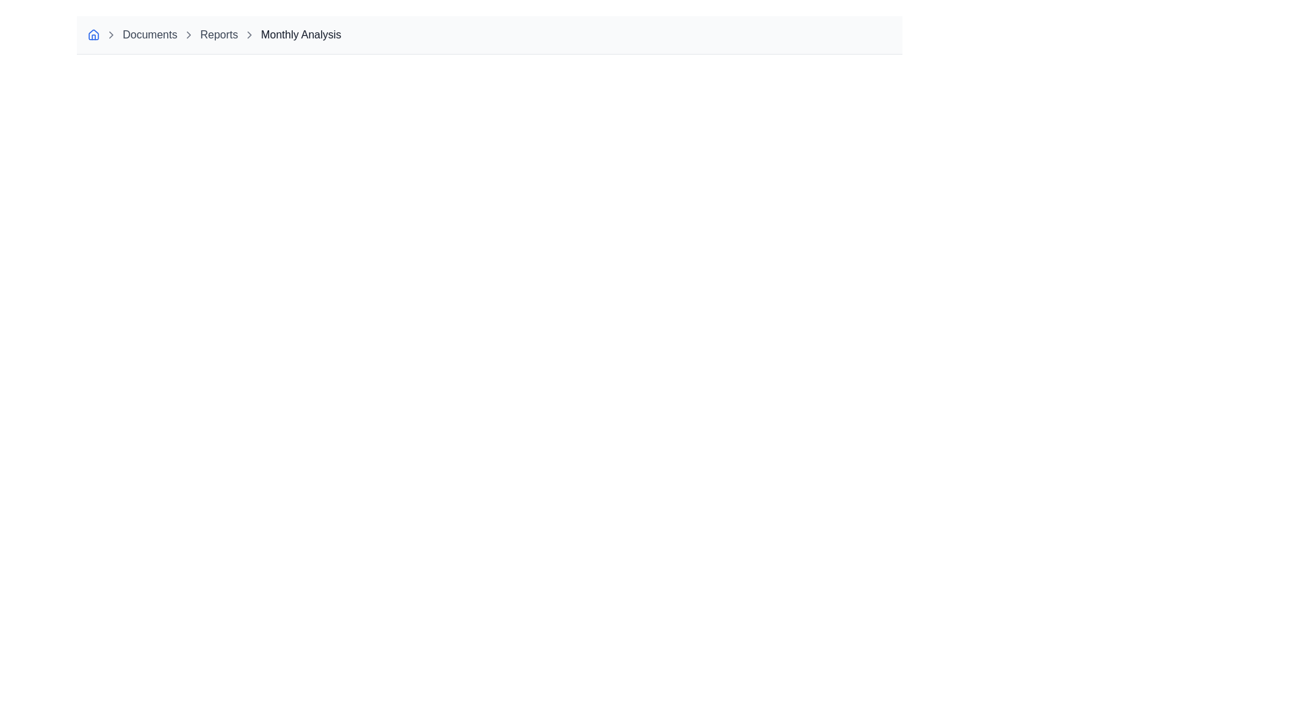 Image resolution: width=1295 pixels, height=728 pixels. I want to click on the blue house icon button at the beginning of the breadcrumb navigation bar, so click(93, 34).